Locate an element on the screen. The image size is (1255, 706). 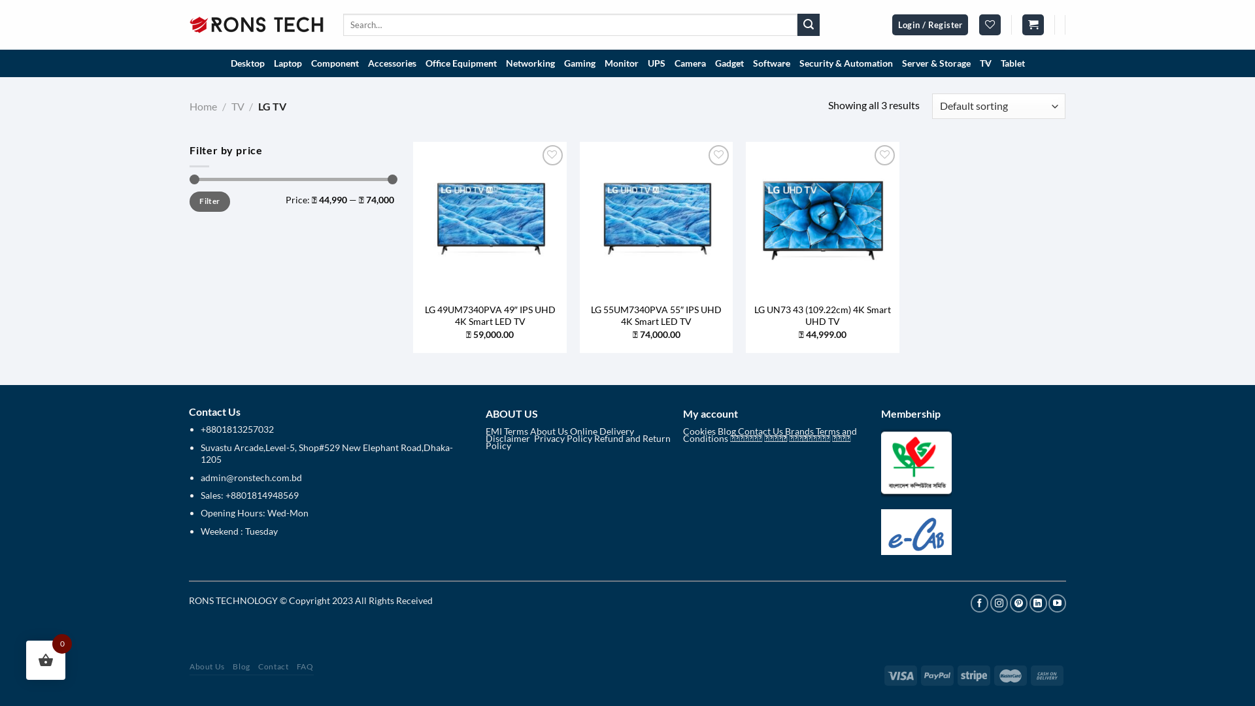
'Disclaimer ' is located at coordinates (507, 438).